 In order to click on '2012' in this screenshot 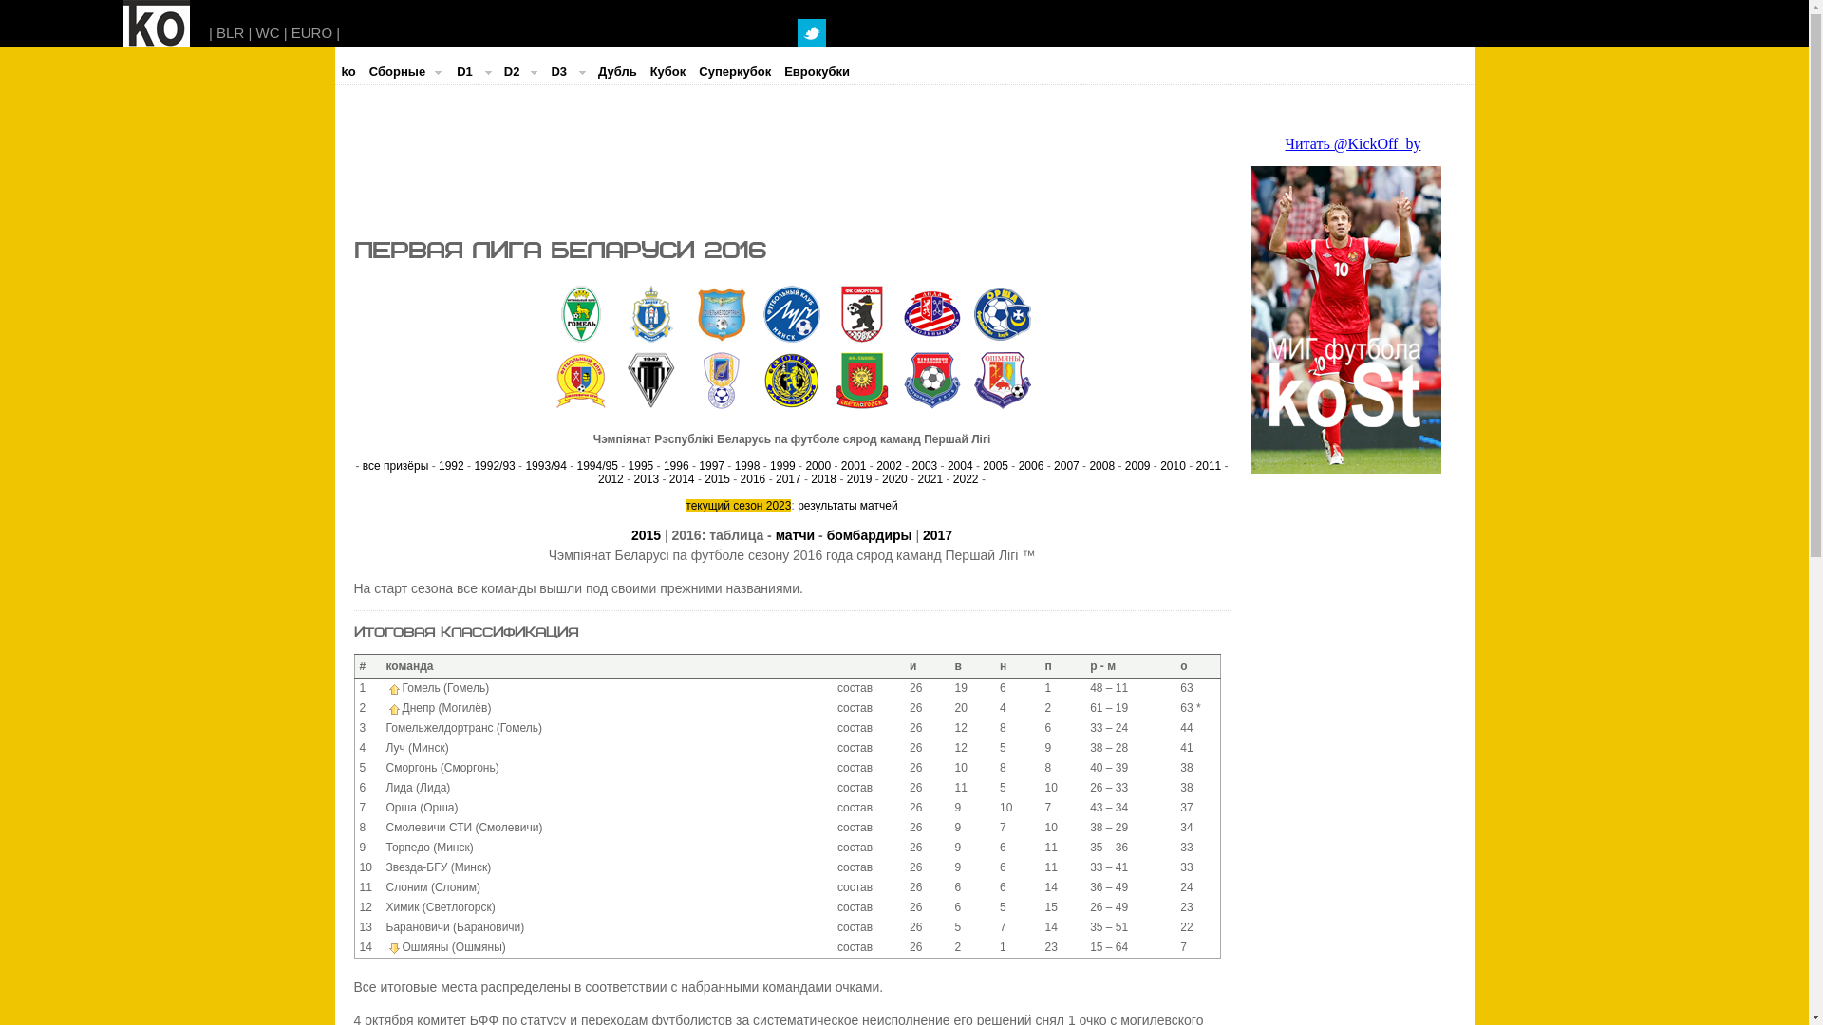, I will do `click(611, 478)`.